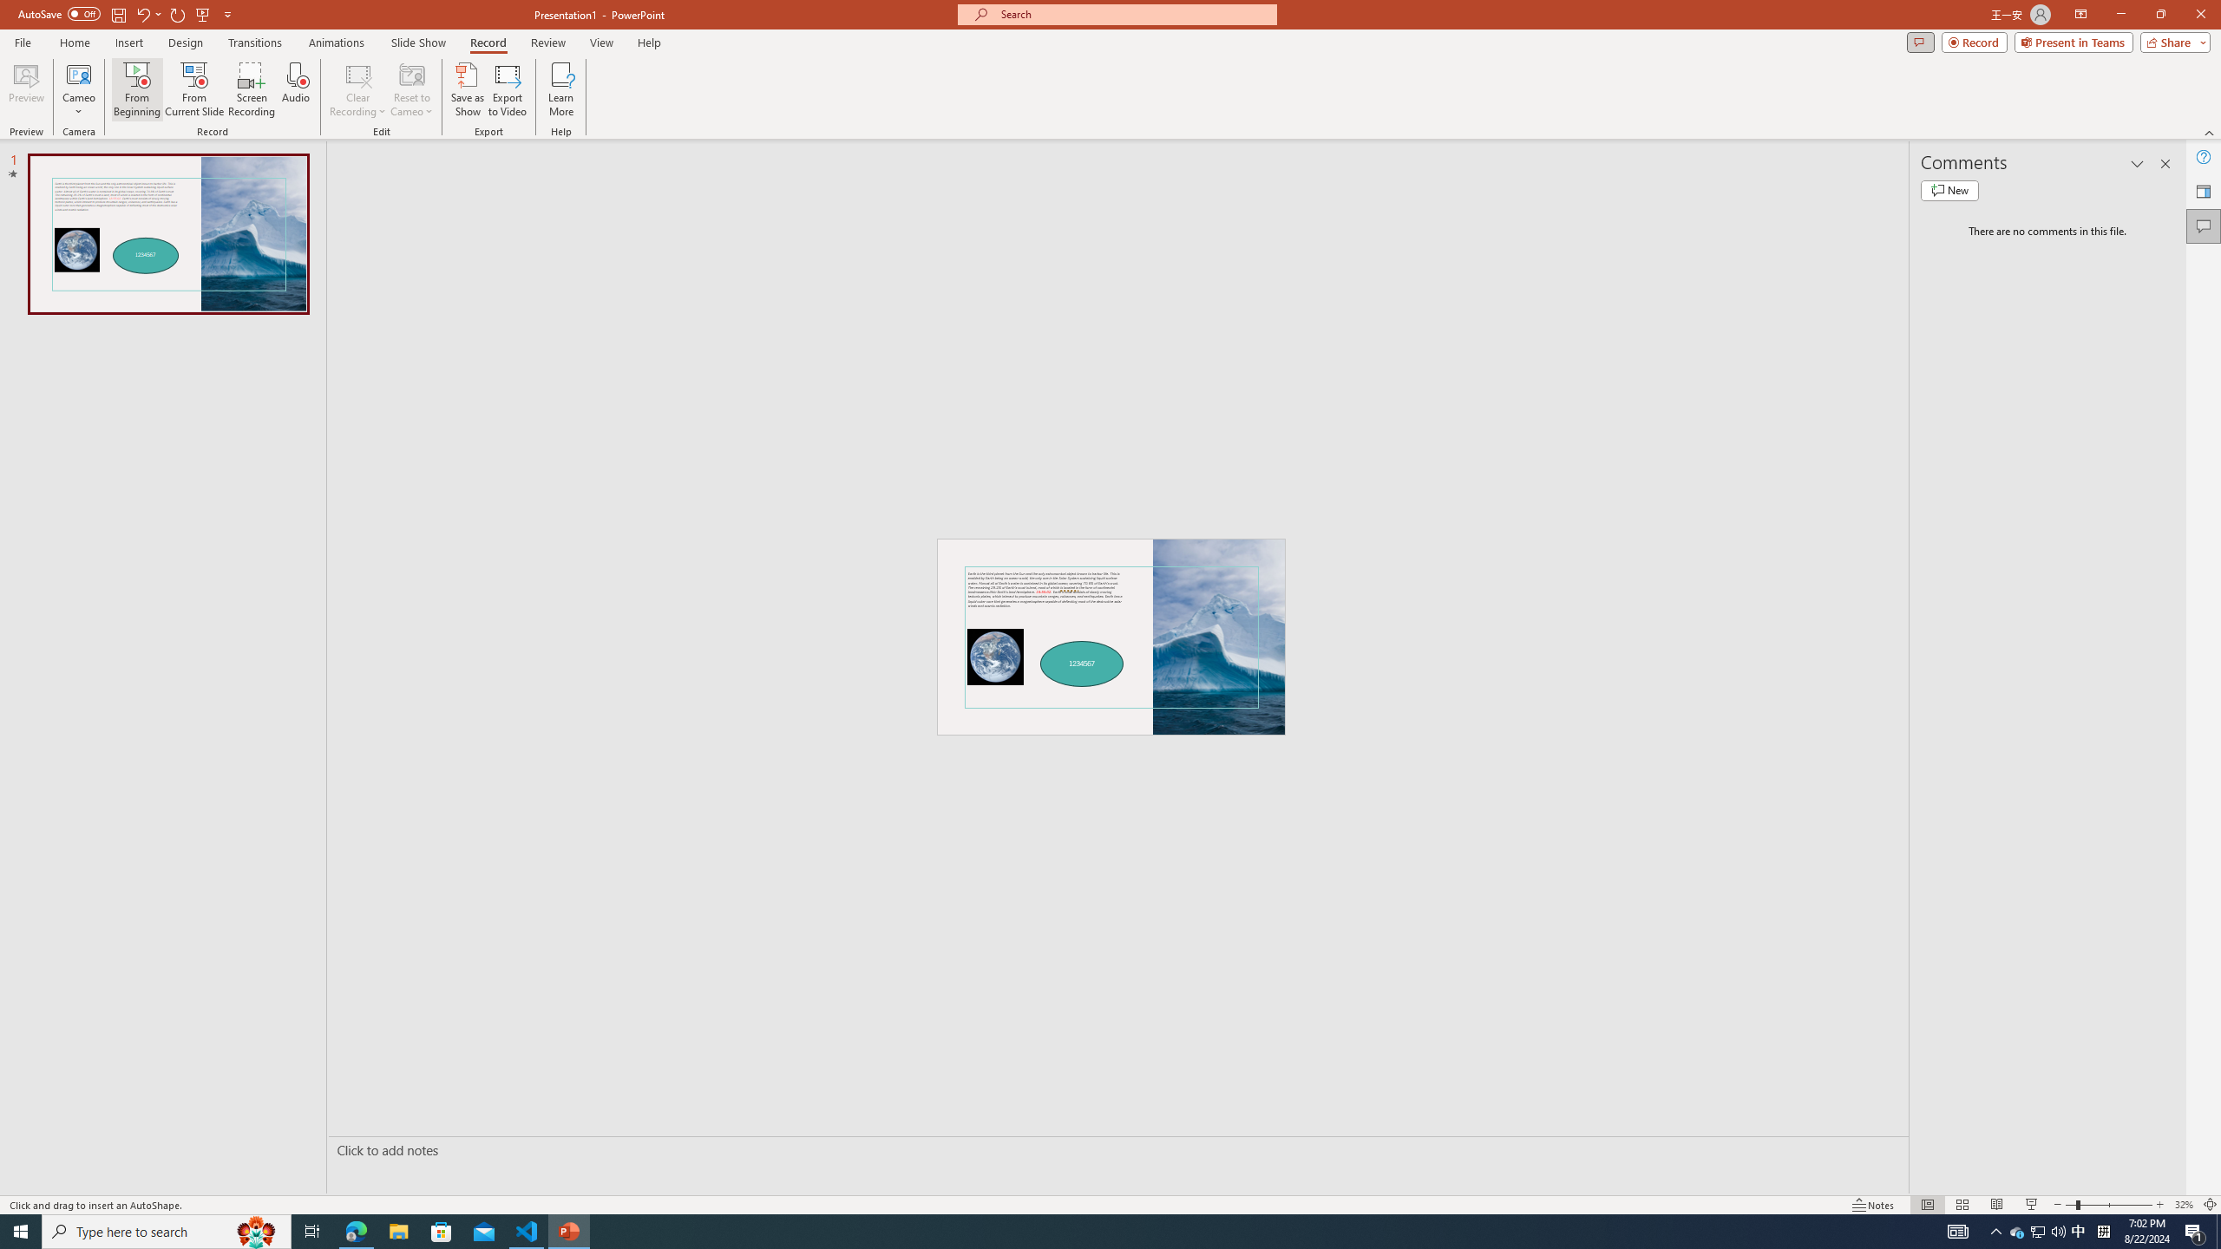  What do you see at coordinates (251, 89) in the screenshot?
I see `'Screen Recording'` at bounding box center [251, 89].